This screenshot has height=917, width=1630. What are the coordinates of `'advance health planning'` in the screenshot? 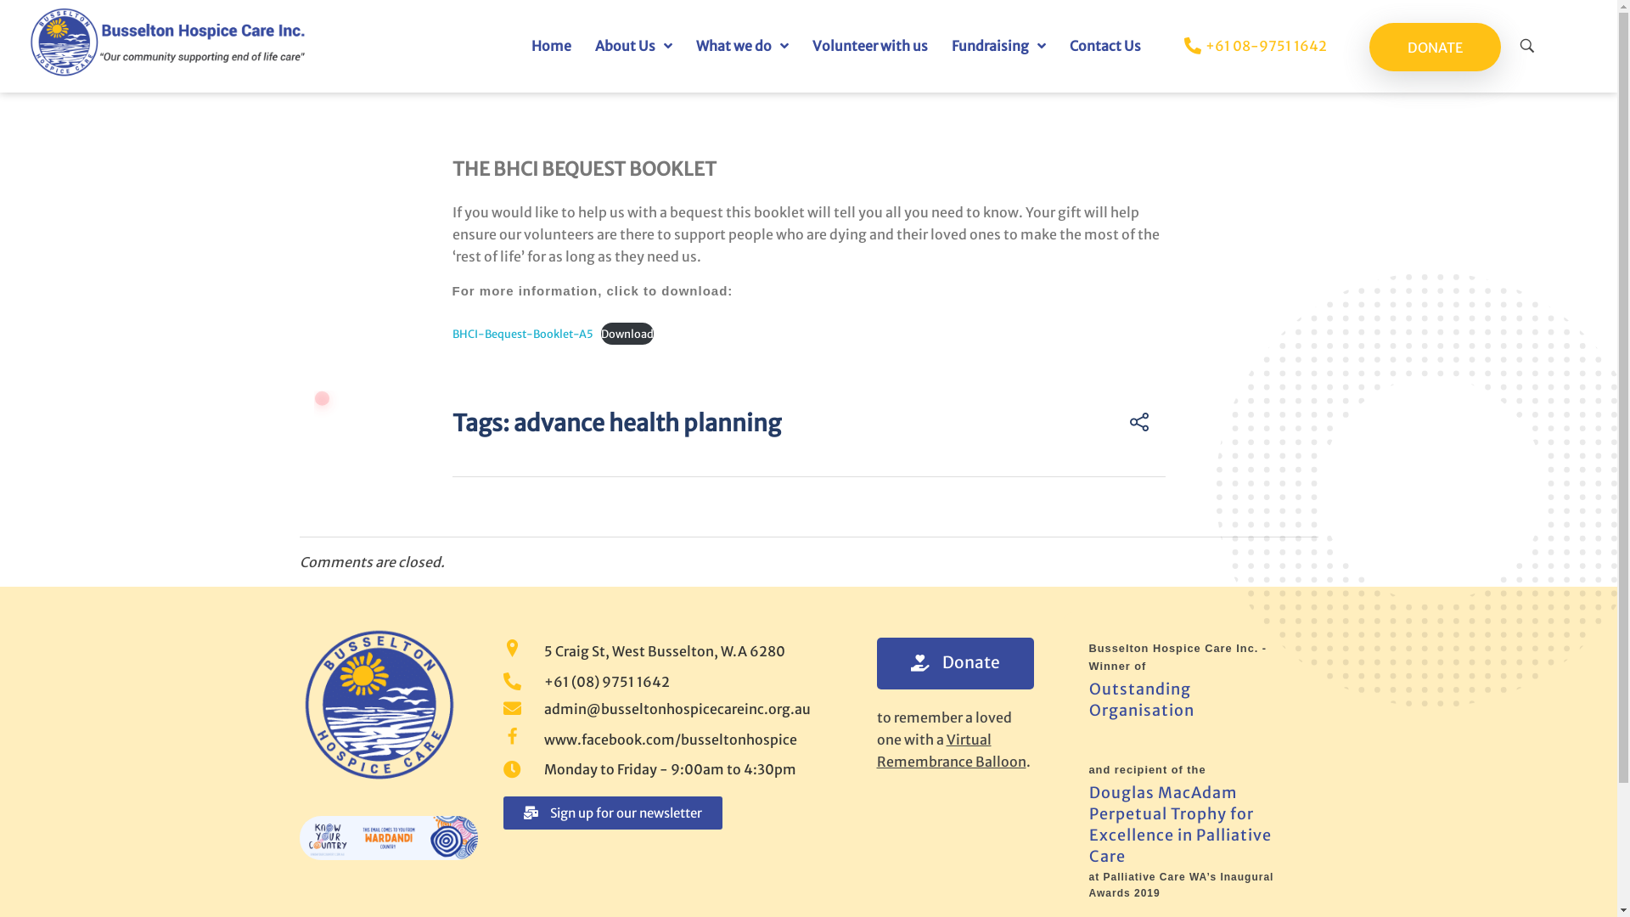 It's located at (645, 421).